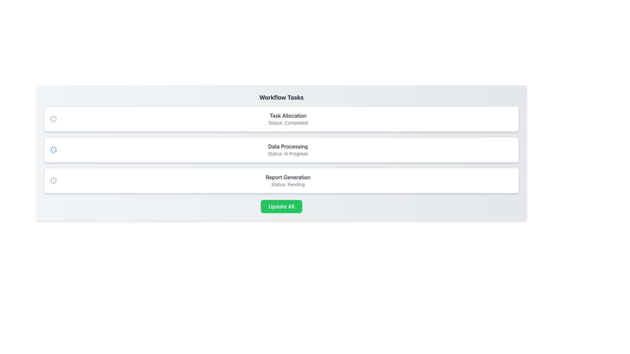 Image resolution: width=630 pixels, height=354 pixels. I want to click on the static text label that reads 'Data Processing', so click(288, 146).